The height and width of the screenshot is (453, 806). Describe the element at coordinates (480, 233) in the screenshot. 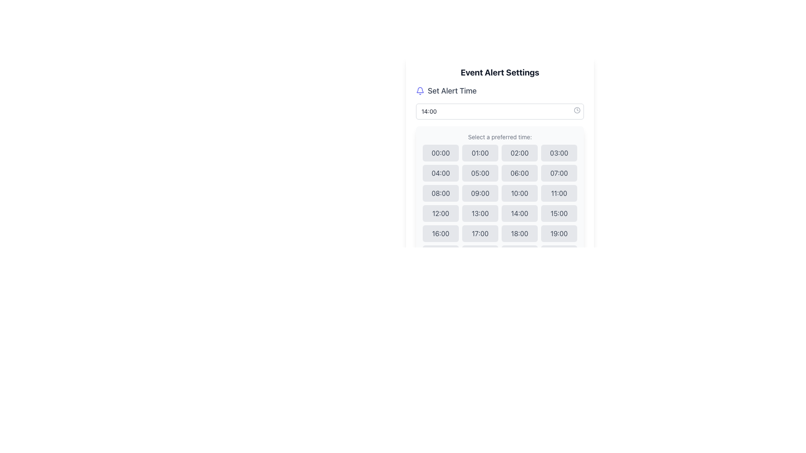

I see `the button displaying '17:00' which is styled as a pill with rounded edges, located in the fifth row and second column of the time options grid` at that location.